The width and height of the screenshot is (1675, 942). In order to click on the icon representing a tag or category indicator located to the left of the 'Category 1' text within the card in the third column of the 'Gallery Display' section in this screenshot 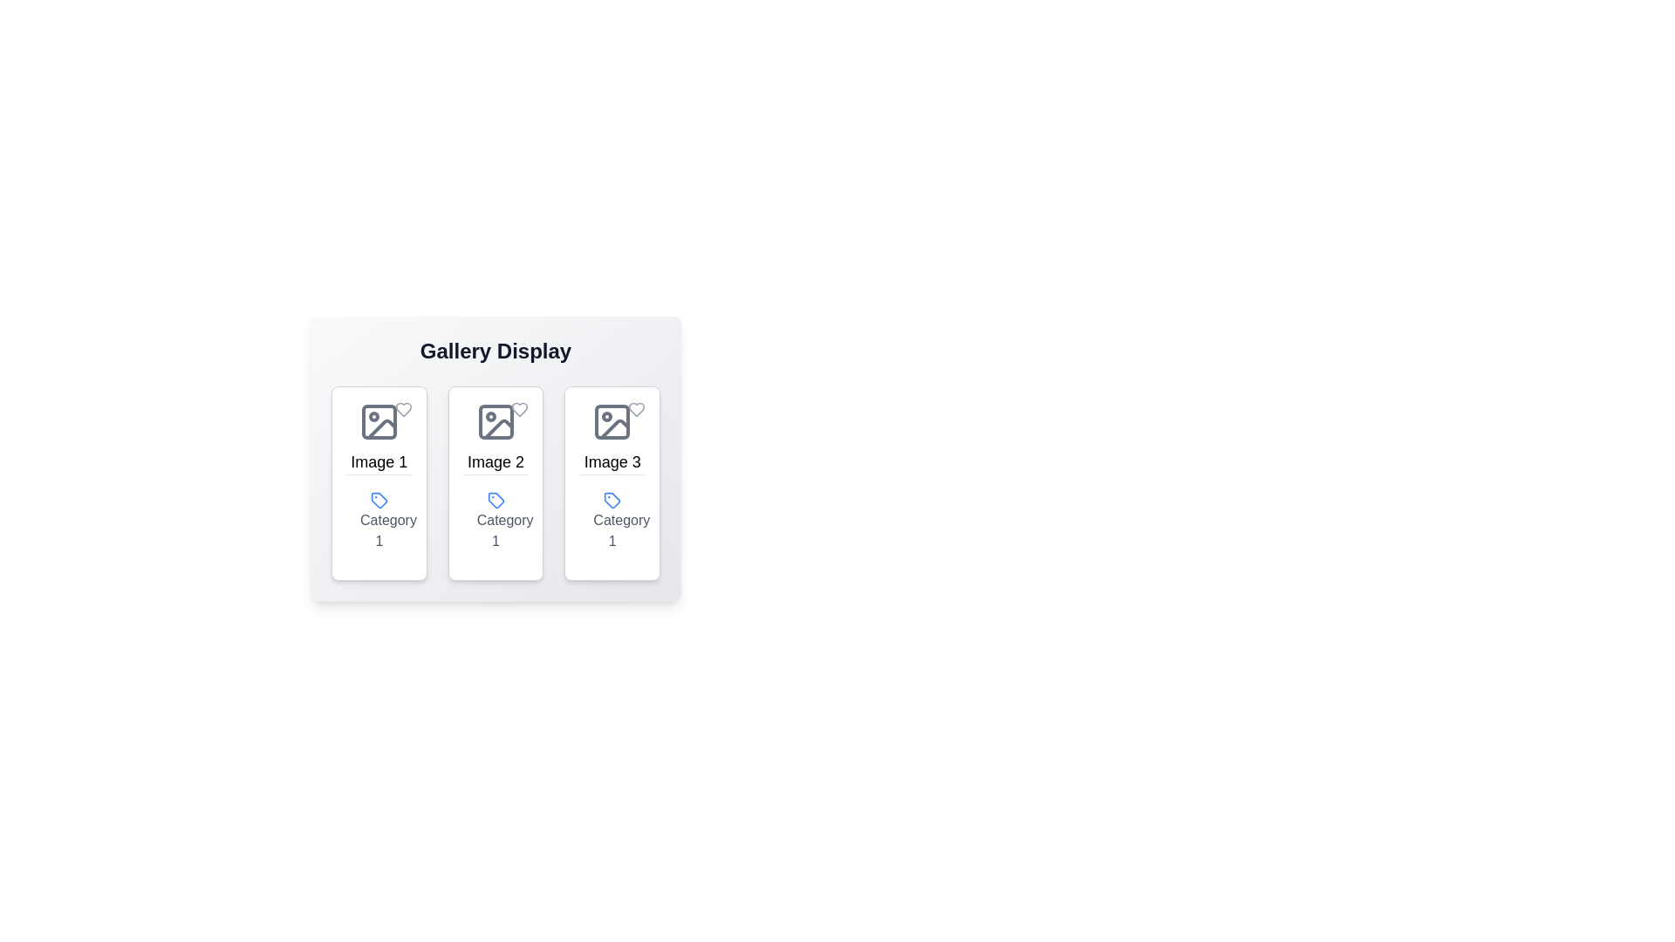, I will do `click(612, 500)`.